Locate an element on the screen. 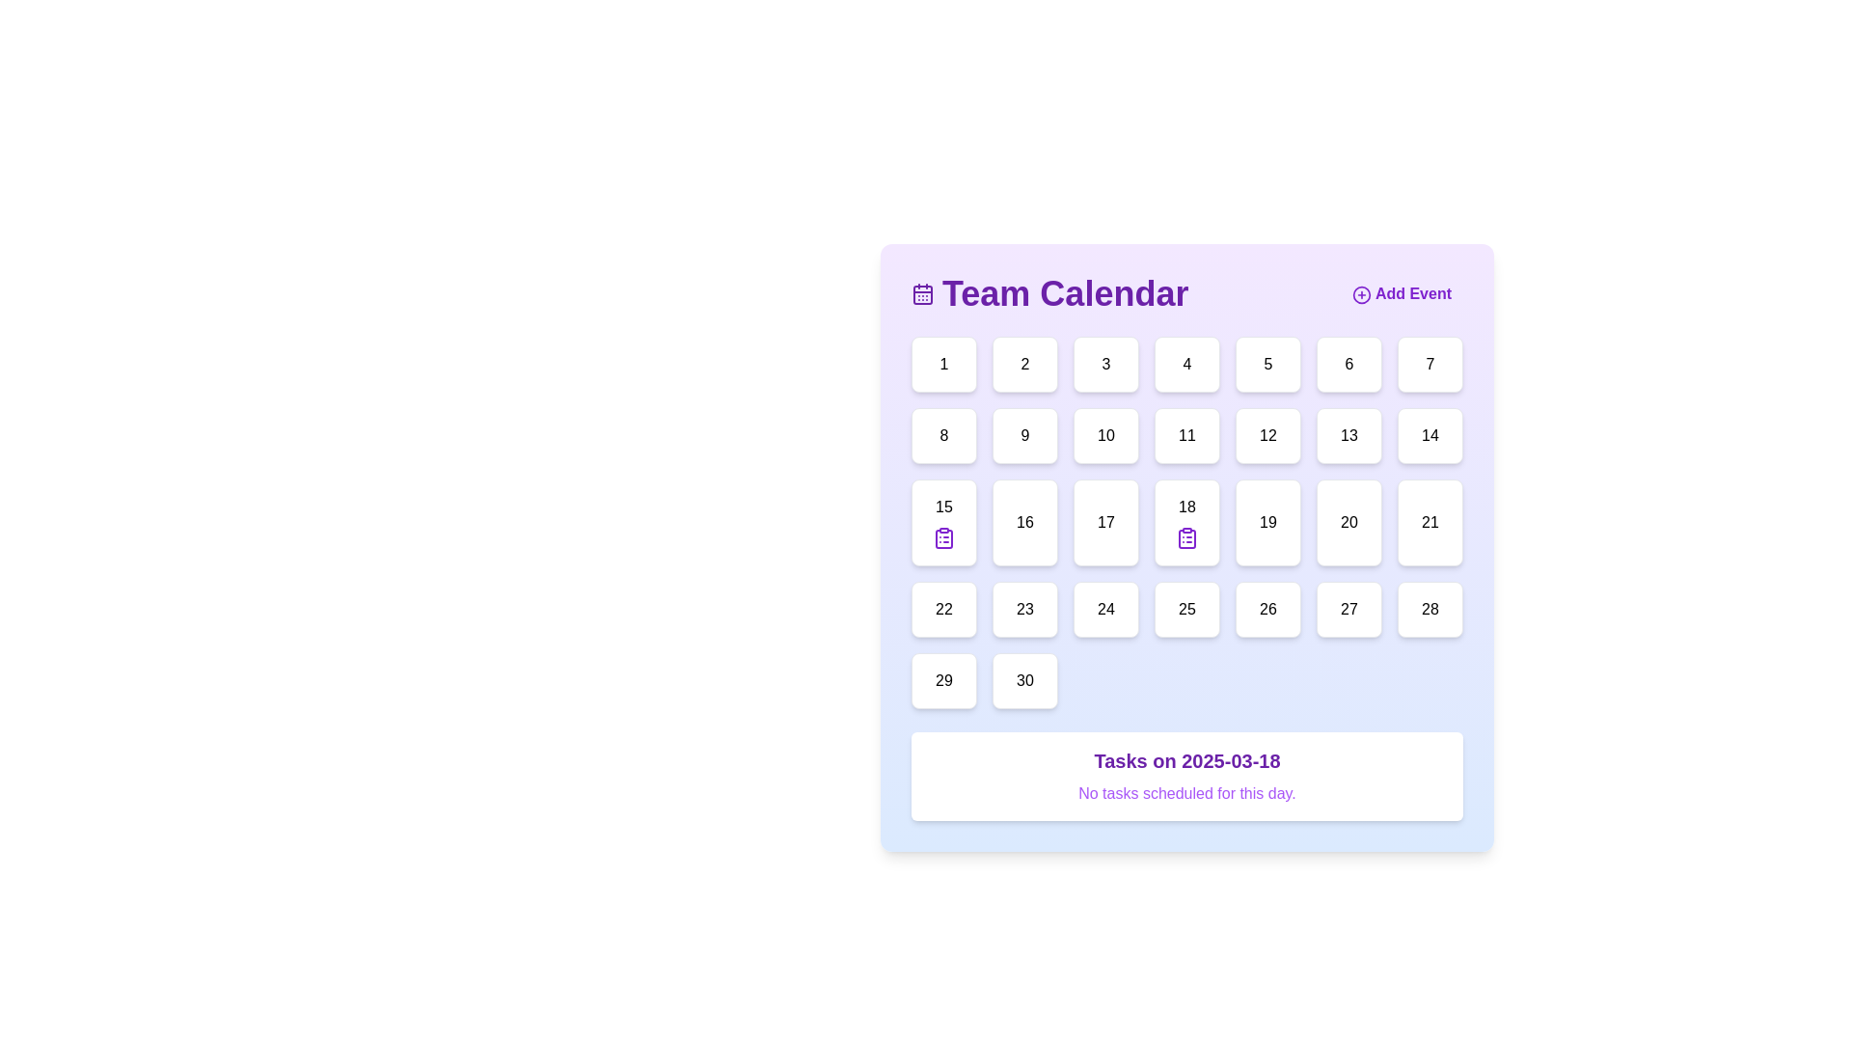 This screenshot has width=1852, height=1042. the Header with Action Controls at the top center of the calendar interface, which provides options for adding new events is located at coordinates (1185, 293).